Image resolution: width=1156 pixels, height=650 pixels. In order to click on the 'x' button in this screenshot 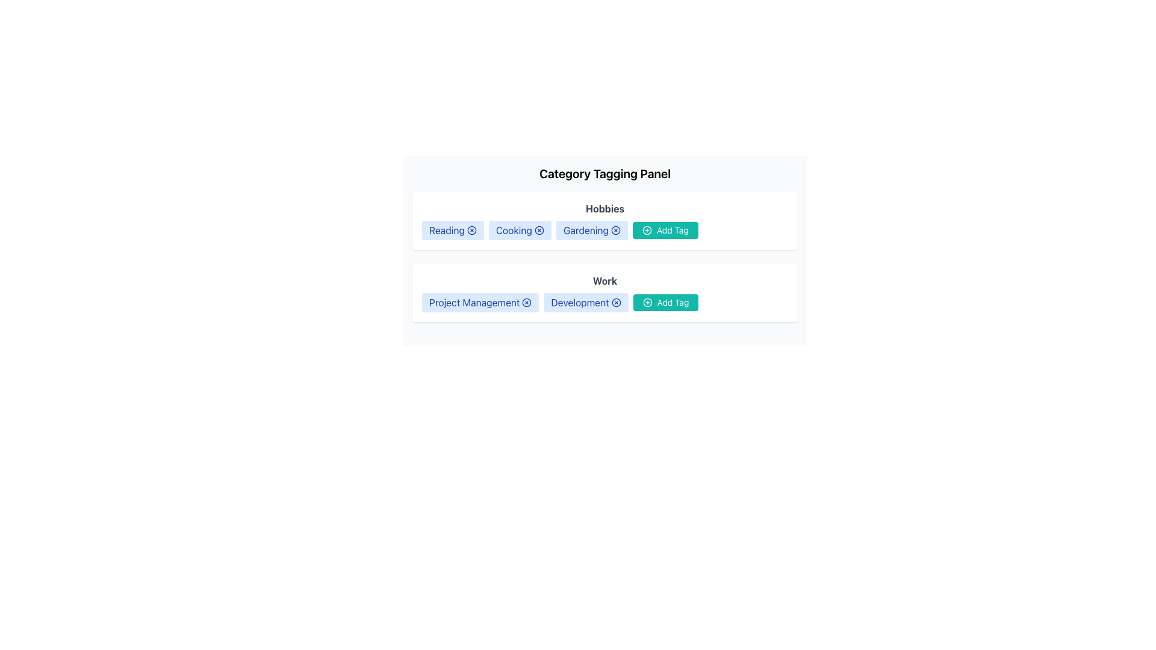, I will do `click(480, 302)`.